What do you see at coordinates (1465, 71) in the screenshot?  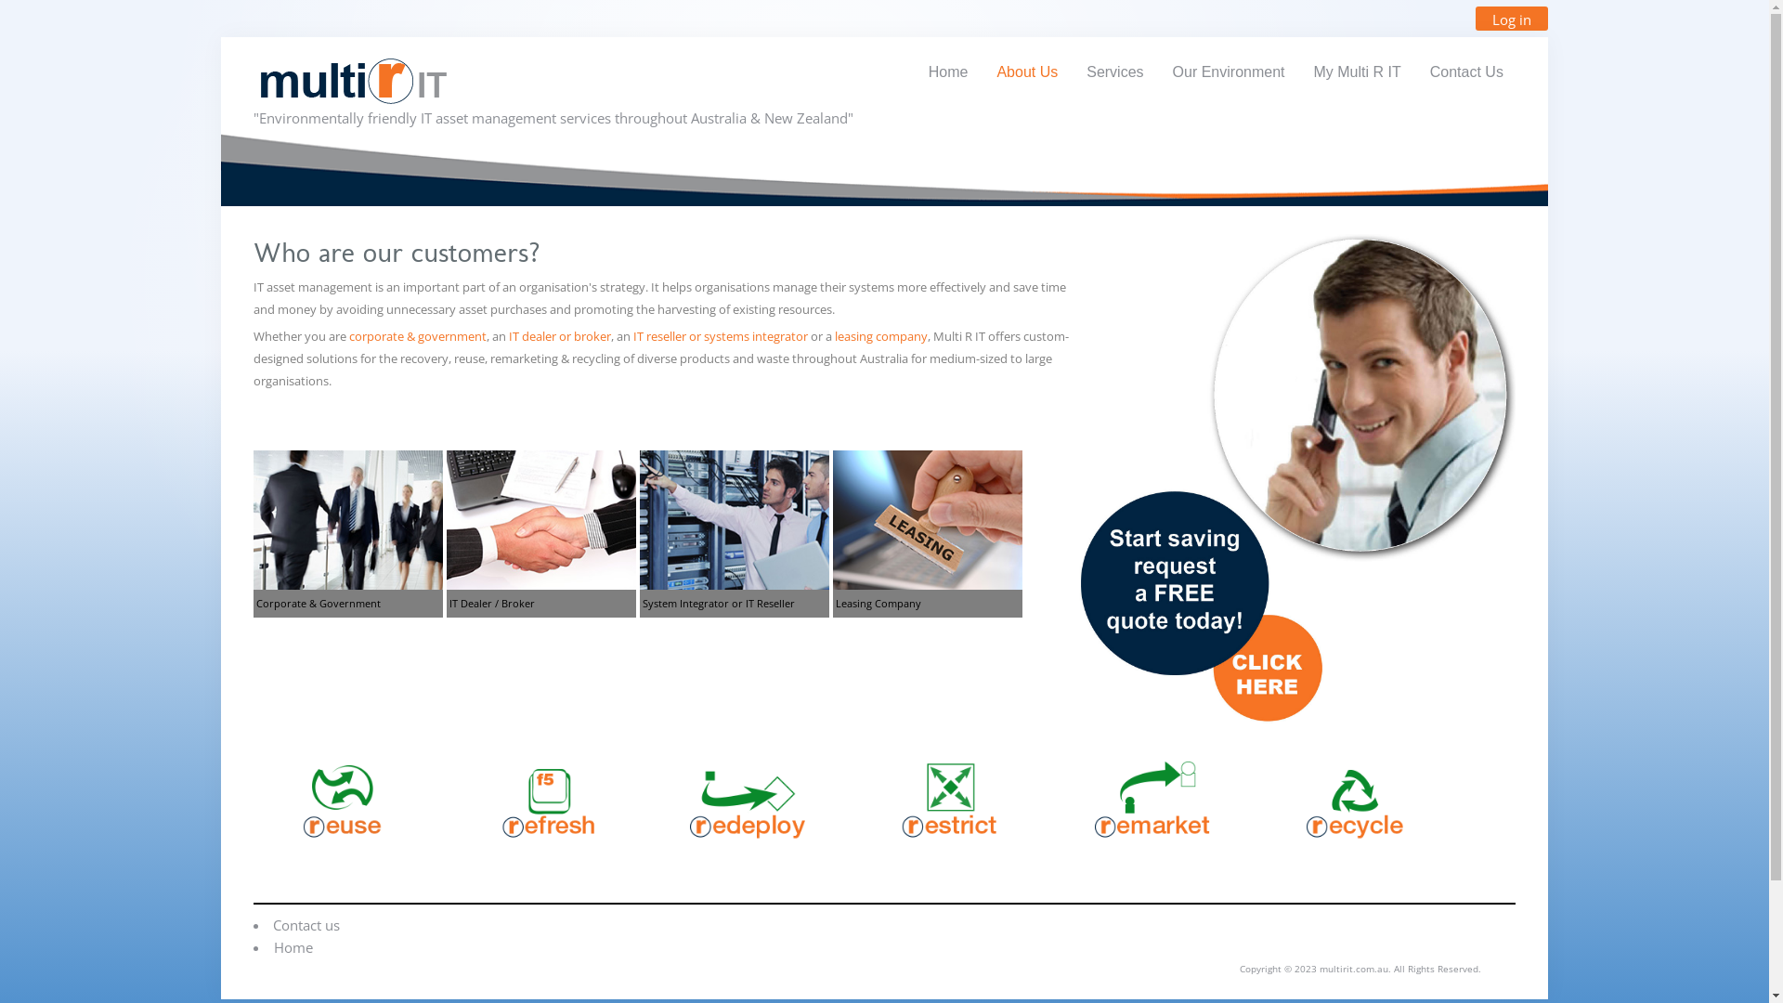 I see `'Contact Us'` at bounding box center [1465, 71].